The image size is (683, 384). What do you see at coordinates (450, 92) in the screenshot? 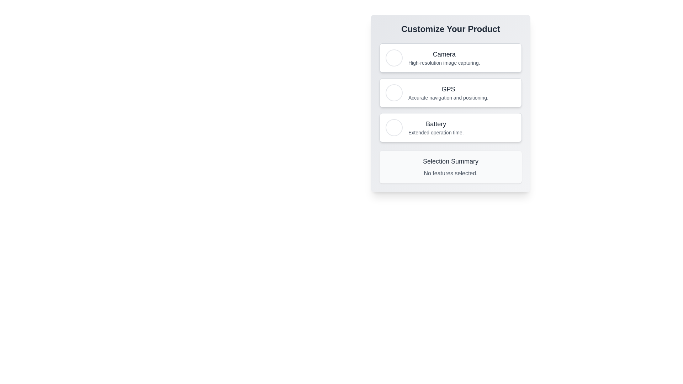
I see `the second selectable card labeled 'GPS' in the 'Customize Your Product' section` at bounding box center [450, 92].